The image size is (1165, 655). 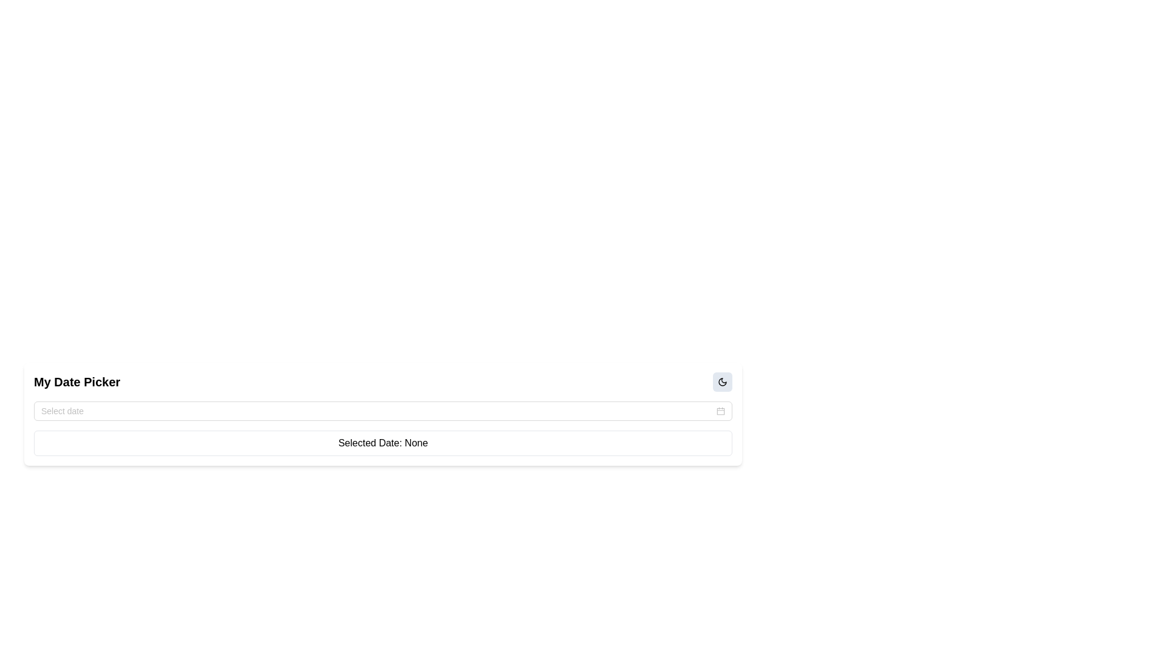 What do you see at coordinates (722, 381) in the screenshot?
I see `the moon icon in the top-right corner of the date picker UI` at bounding box center [722, 381].